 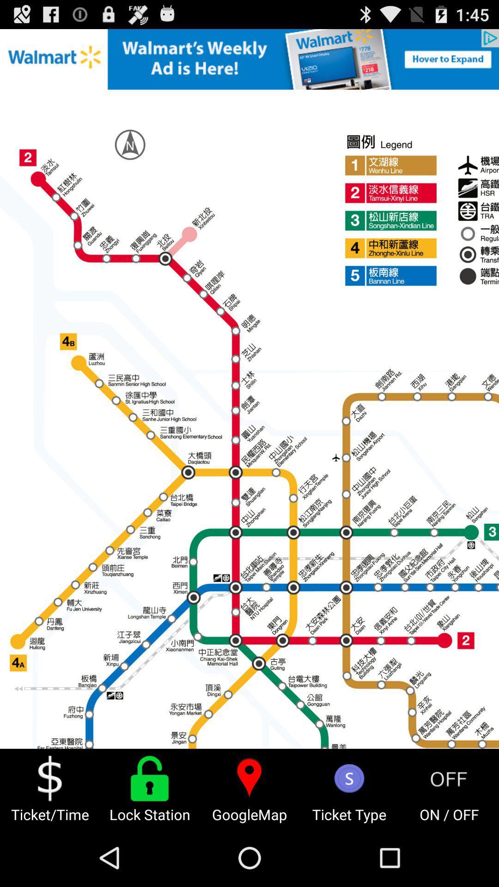 What do you see at coordinates (249, 389) in the screenshot?
I see `content area` at bounding box center [249, 389].